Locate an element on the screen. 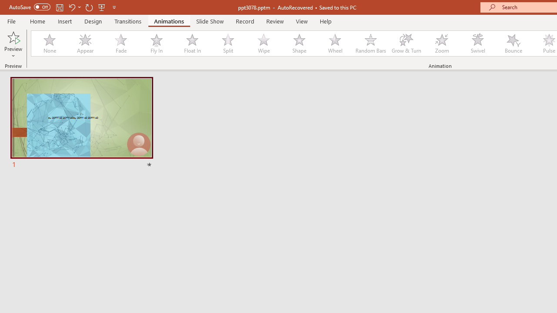 This screenshot has height=313, width=557. 'Wheel' is located at coordinates (335, 43).